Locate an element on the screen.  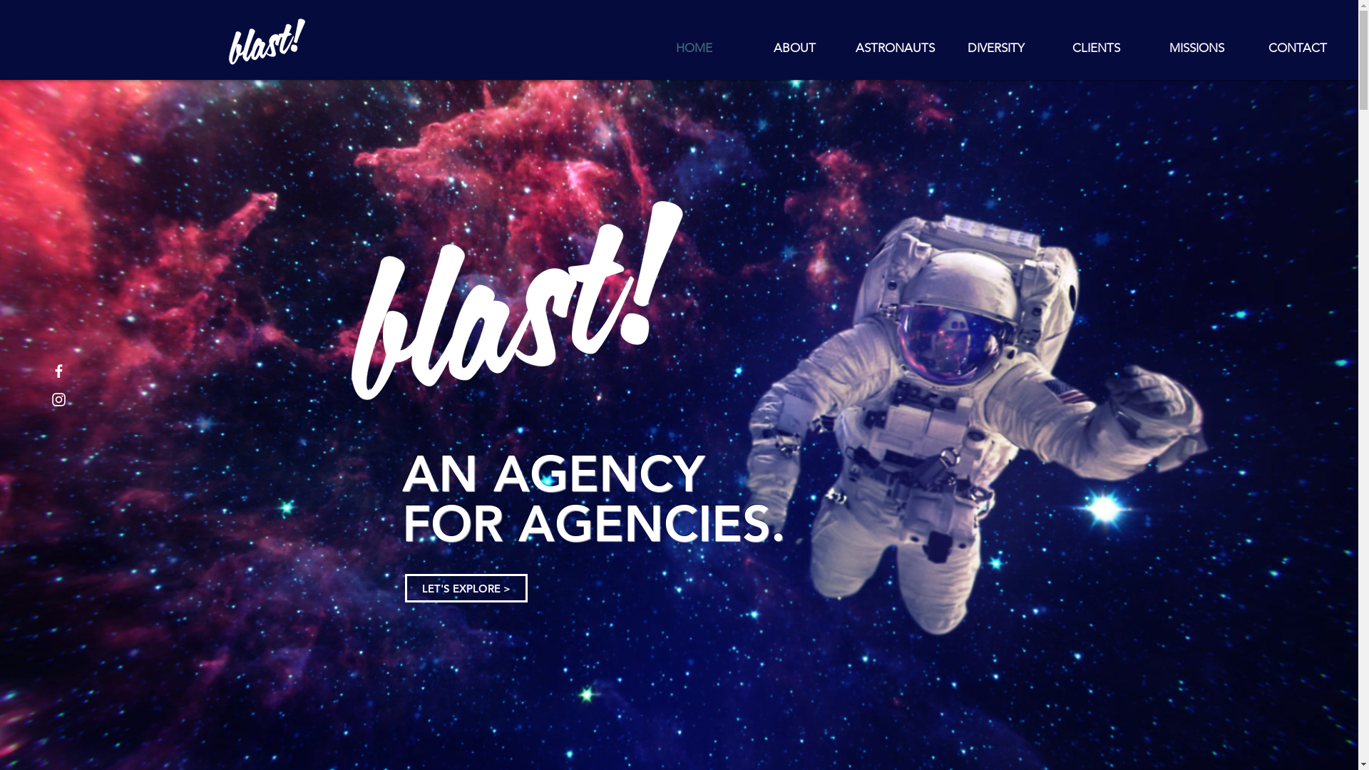
'LET'S EXPLORE >' is located at coordinates (466, 588).